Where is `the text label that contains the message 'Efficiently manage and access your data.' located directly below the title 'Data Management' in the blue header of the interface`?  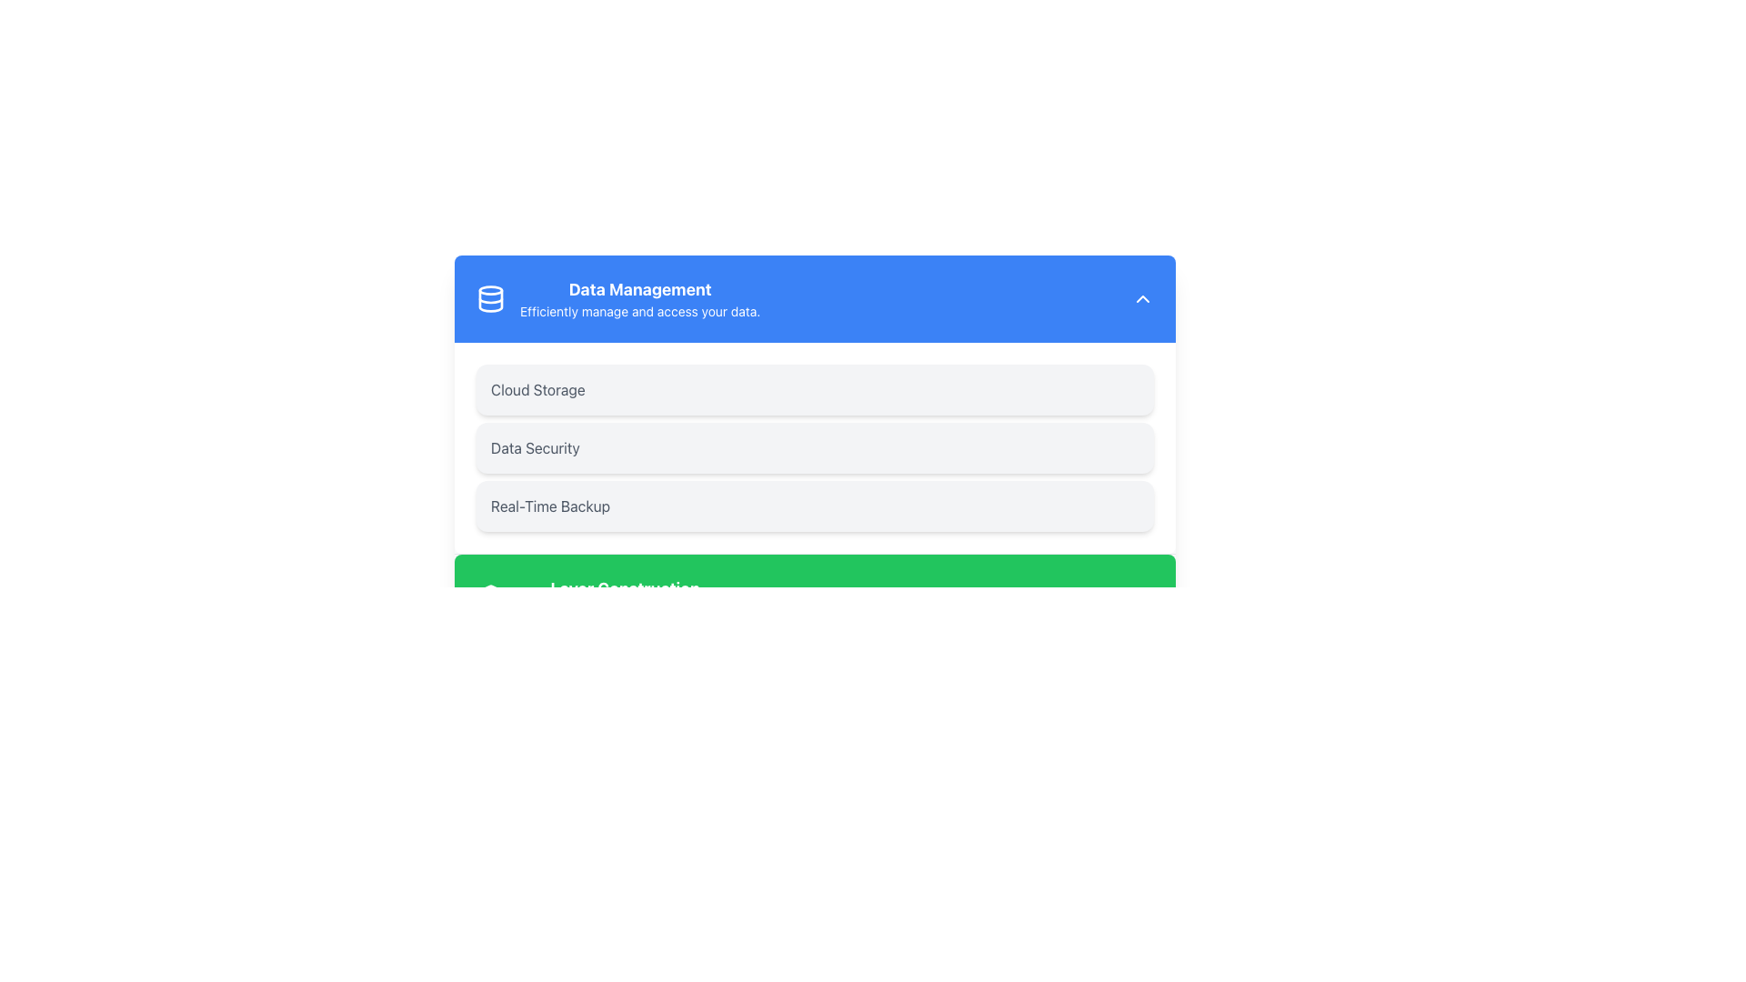 the text label that contains the message 'Efficiently manage and access your data.' located directly below the title 'Data Management' in the blue header of the interface is located at coordinates (640, 311).